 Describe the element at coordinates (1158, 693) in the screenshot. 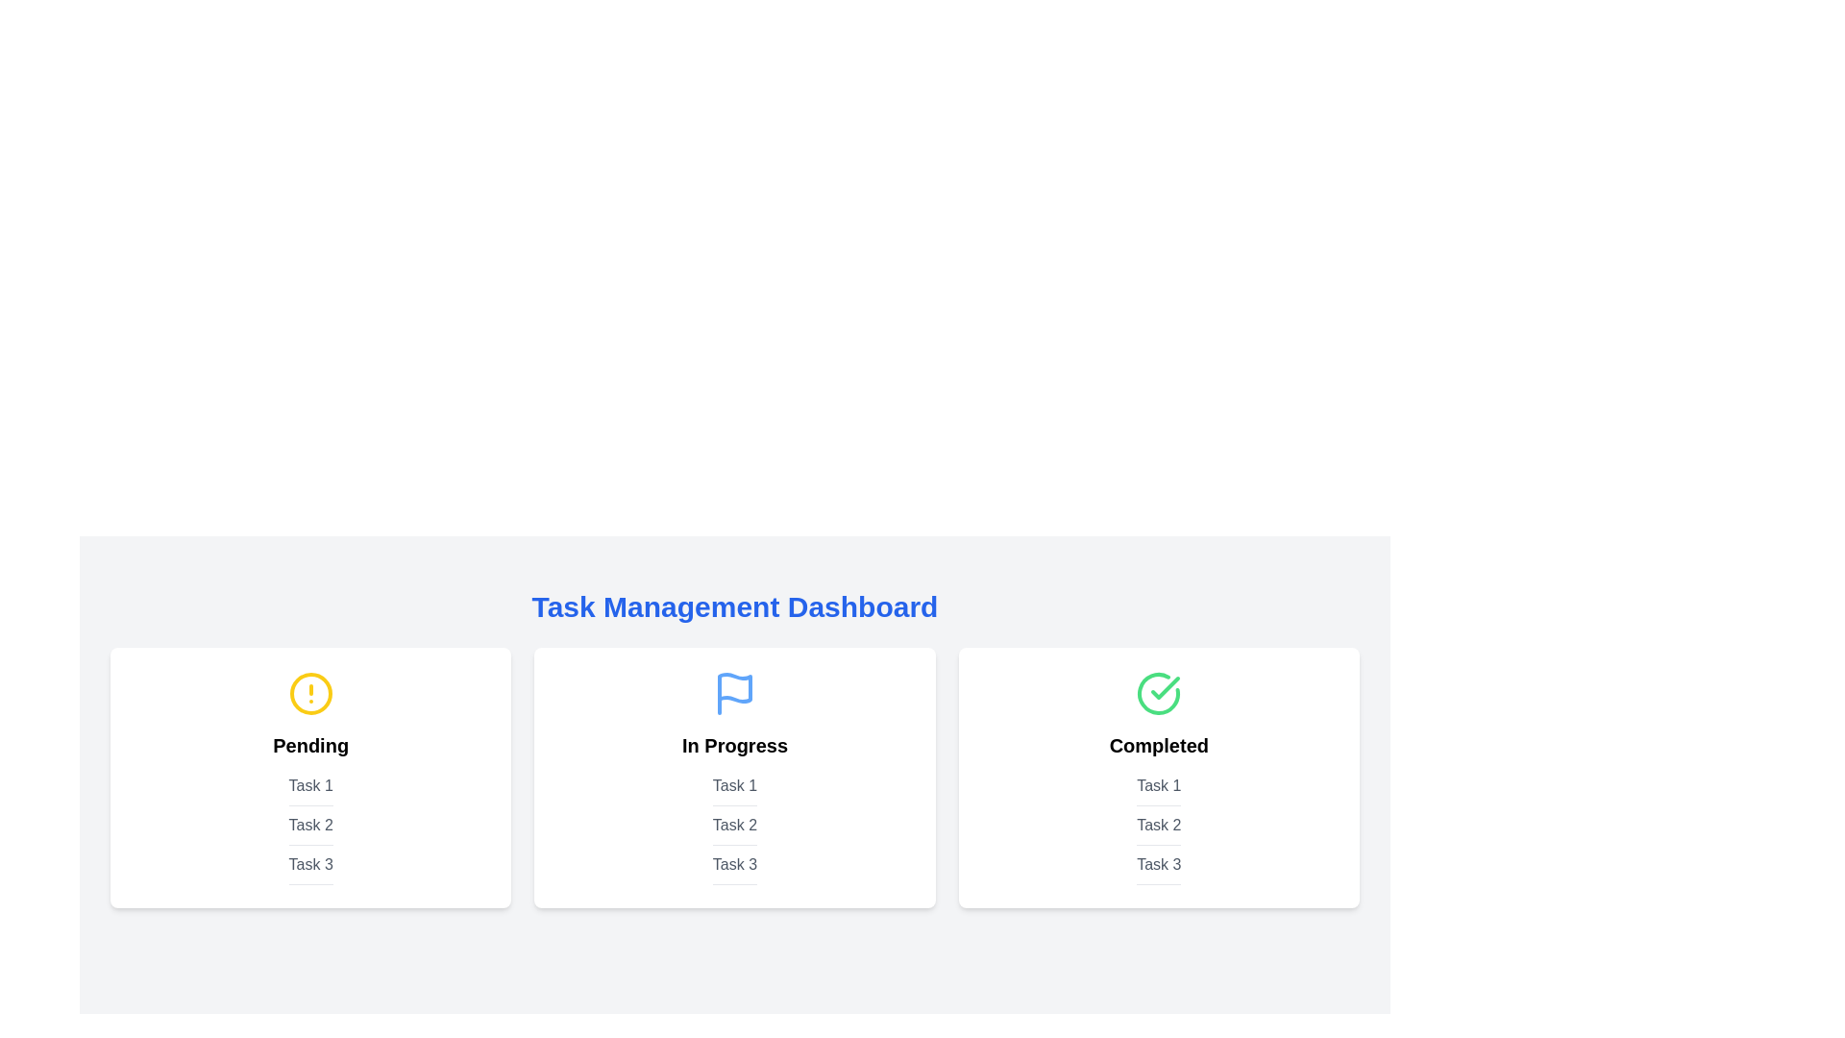

I see `the visual ring element indicating completion status in the task management dashboard, located within the 'Completed' card on the far right` at that location.